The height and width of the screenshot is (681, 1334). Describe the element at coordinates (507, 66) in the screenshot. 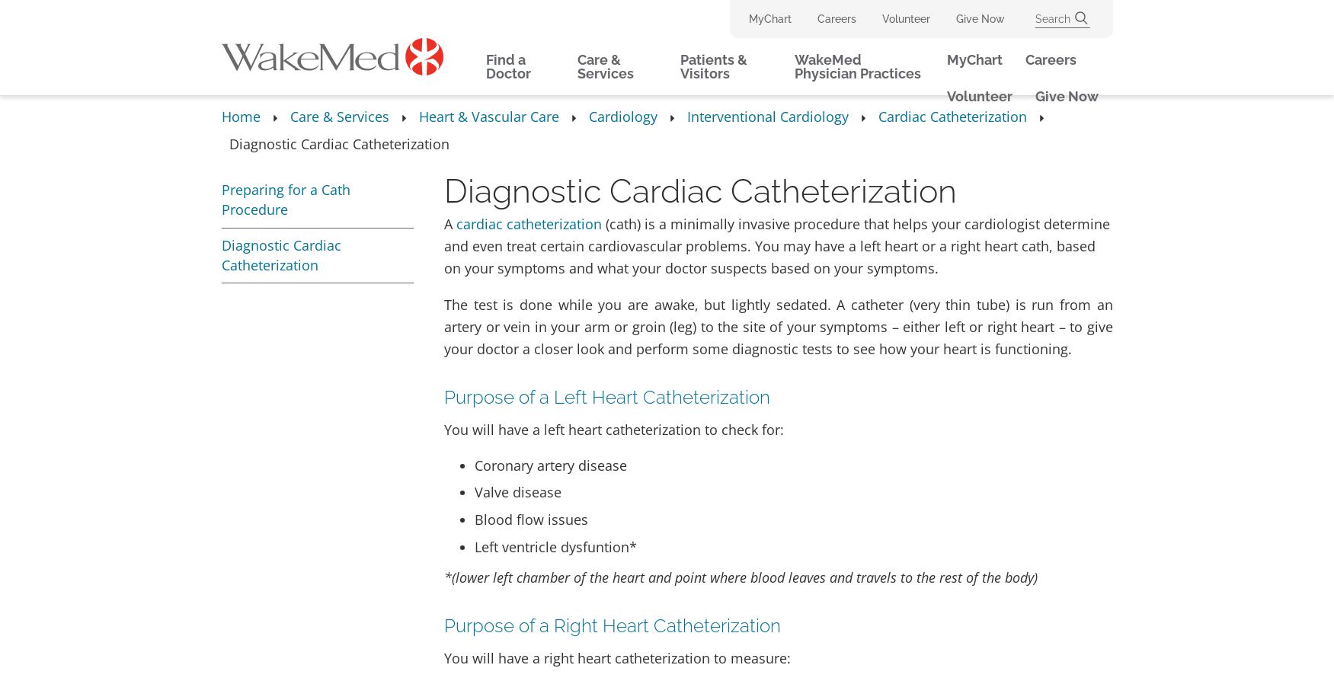

I see `'Find a Doctor'` at that location.